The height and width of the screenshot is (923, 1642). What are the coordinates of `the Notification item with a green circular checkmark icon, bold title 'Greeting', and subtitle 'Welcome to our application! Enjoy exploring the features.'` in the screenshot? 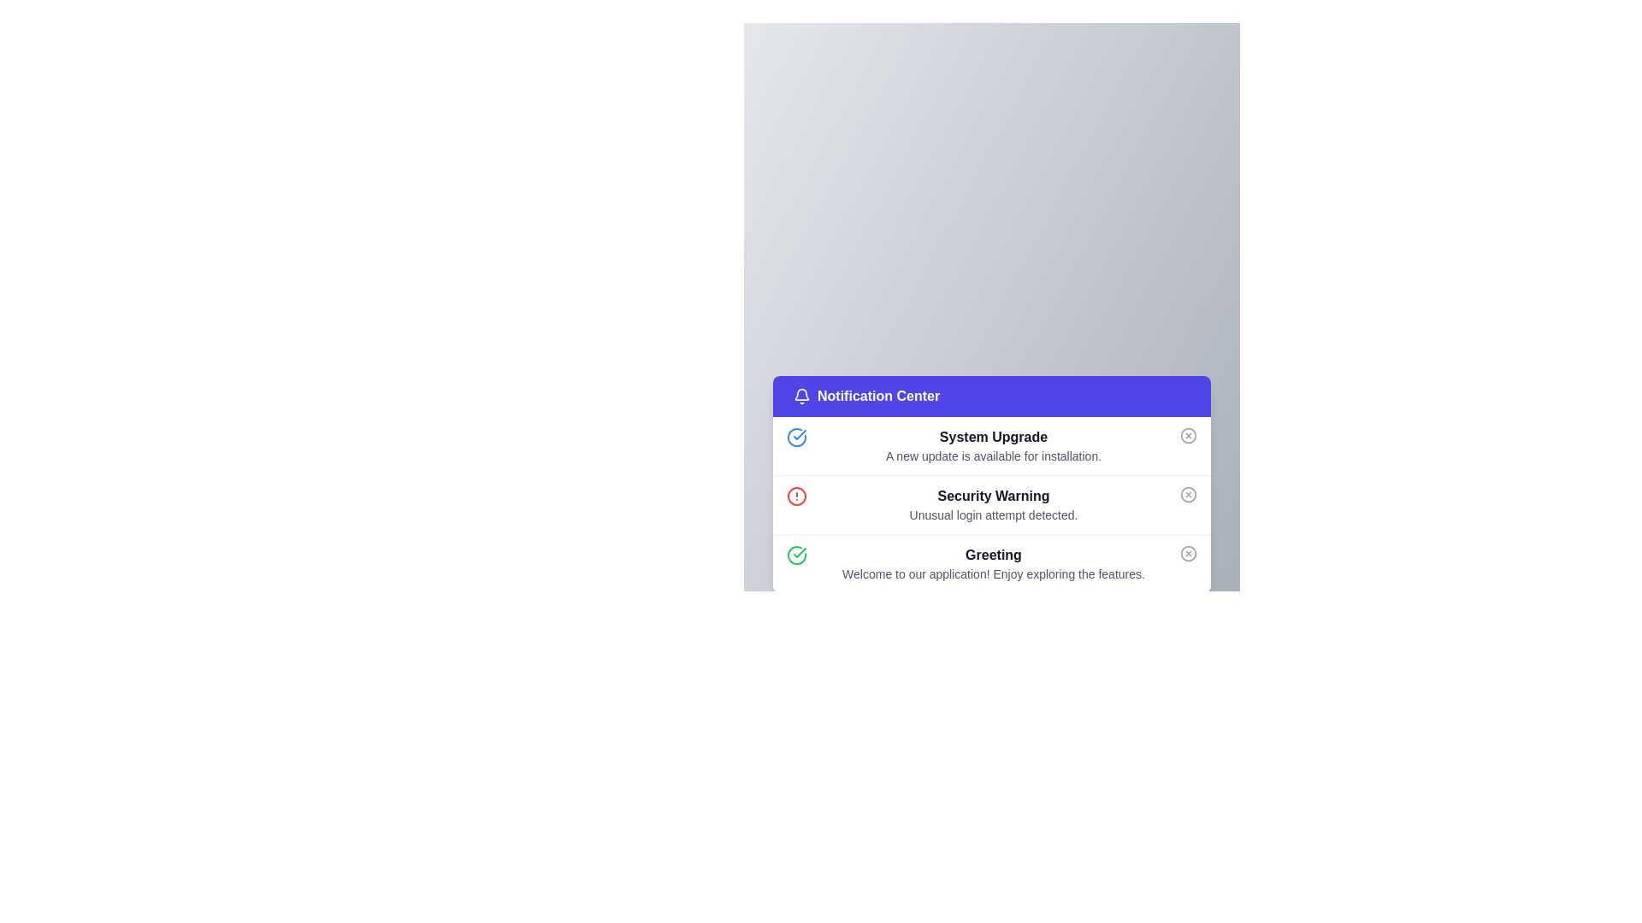 It's located at (992, 563).